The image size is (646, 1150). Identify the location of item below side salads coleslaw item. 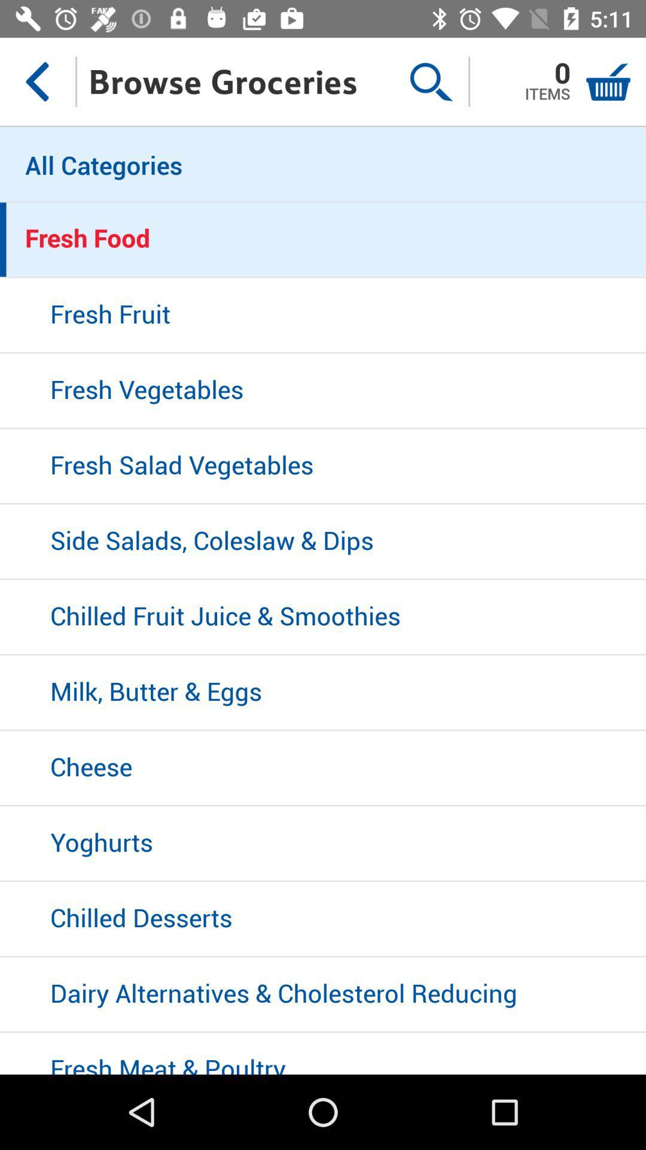
(323, 618).